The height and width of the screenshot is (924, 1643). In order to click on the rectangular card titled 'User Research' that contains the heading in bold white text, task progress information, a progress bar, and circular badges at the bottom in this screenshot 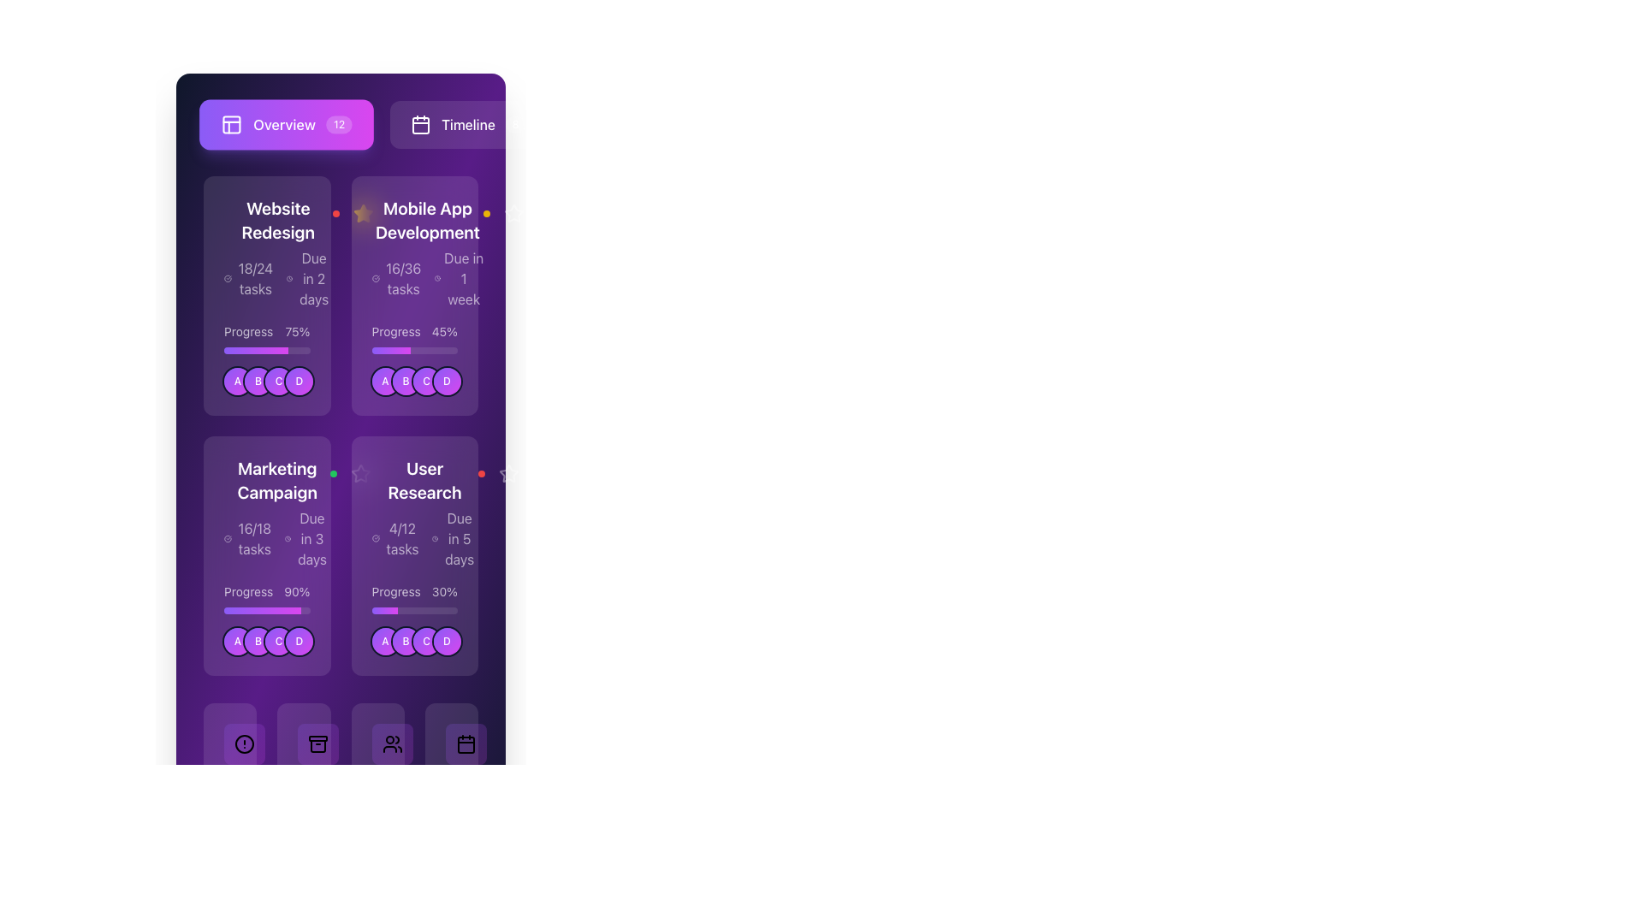, I will do `click(414, 556)`.